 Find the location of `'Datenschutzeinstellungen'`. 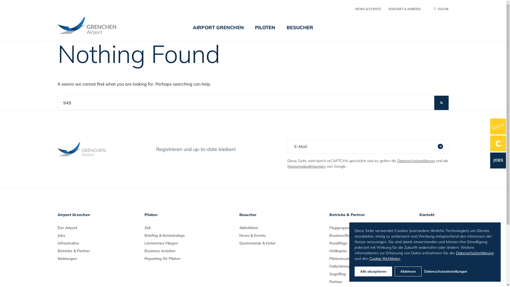

'Datenschutzeinstellungen' is located at coordinates (460, 272).